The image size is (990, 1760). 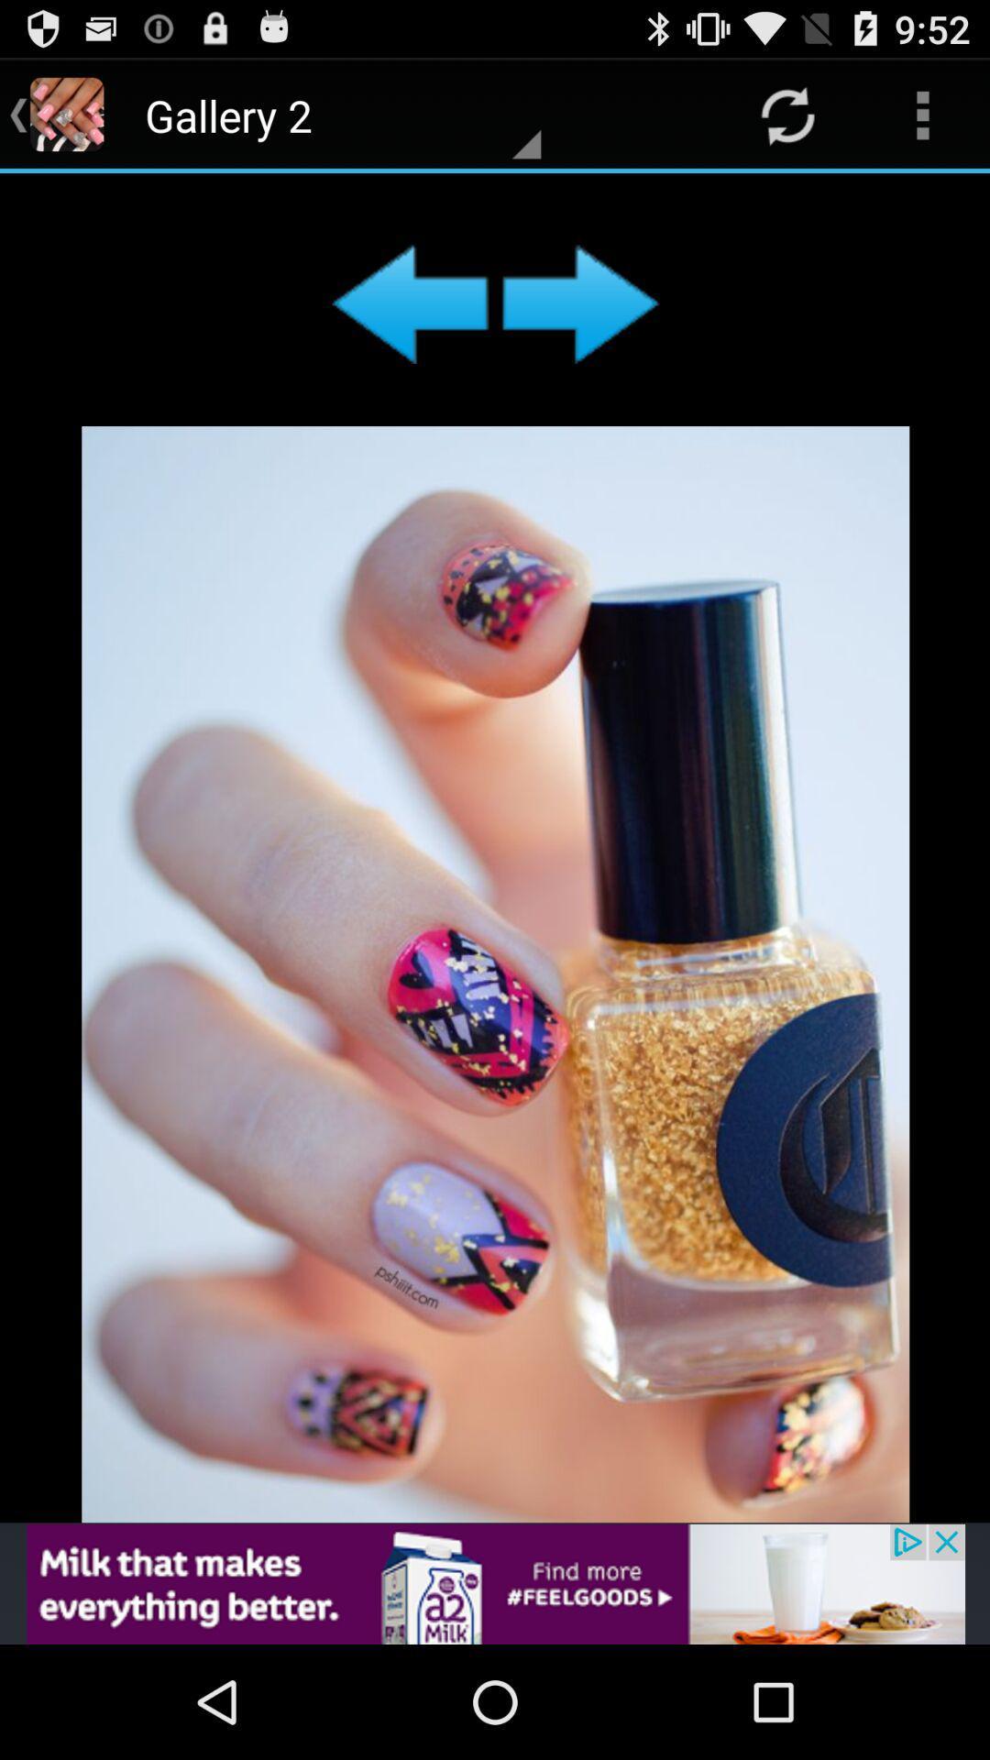 What do you see at coordinates (495, 1583) in the screenshot?
I see `advertisement page` at bounding box center [495, 1583].